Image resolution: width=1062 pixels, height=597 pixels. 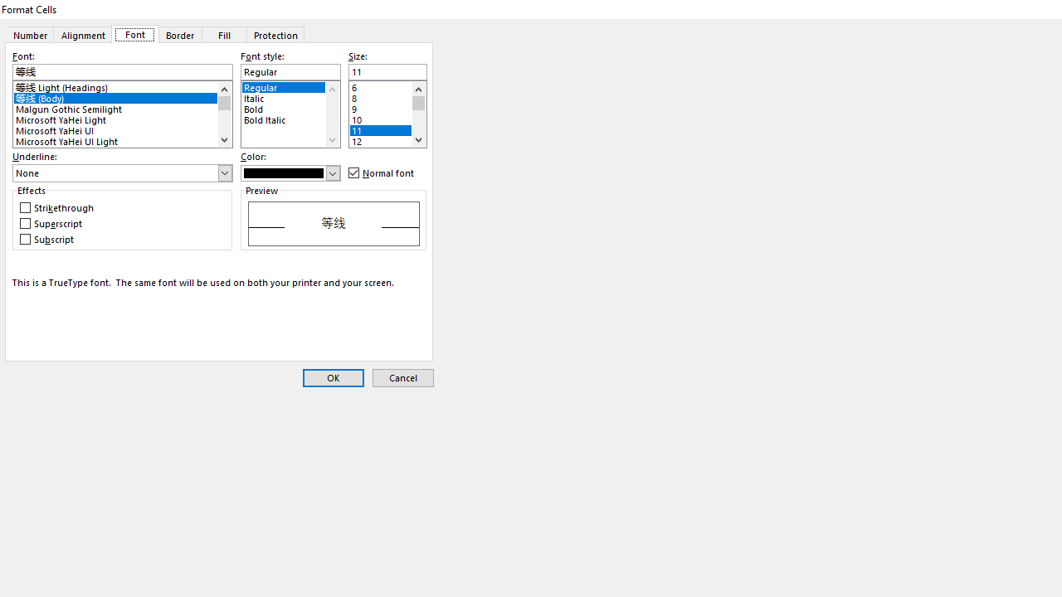 What do you see at coordinates (48, 239) in the screenshot?
I see `'Subscript'` at bounding box center [48, 239].